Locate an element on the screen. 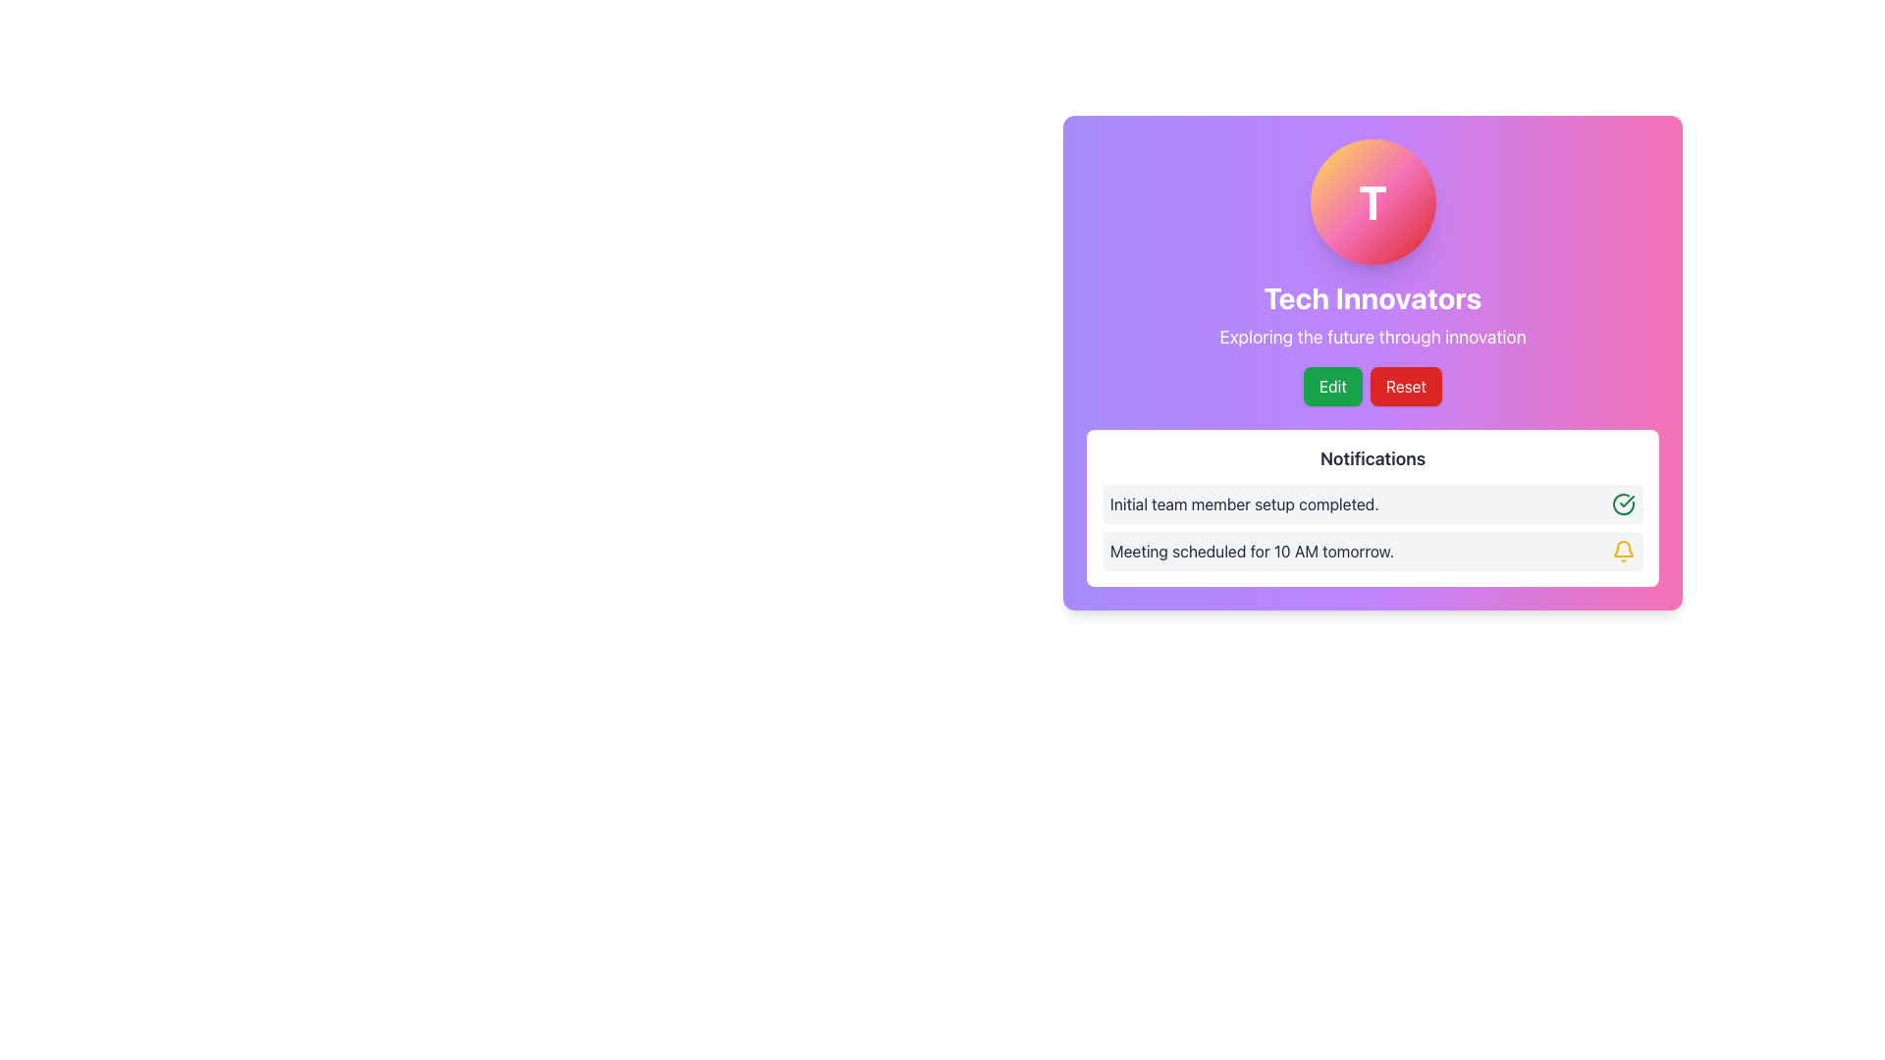  the text label that serves as a subtitle for 'Tech Innovators', positioned centrally below the main header is located at coordinates (1372, 336).